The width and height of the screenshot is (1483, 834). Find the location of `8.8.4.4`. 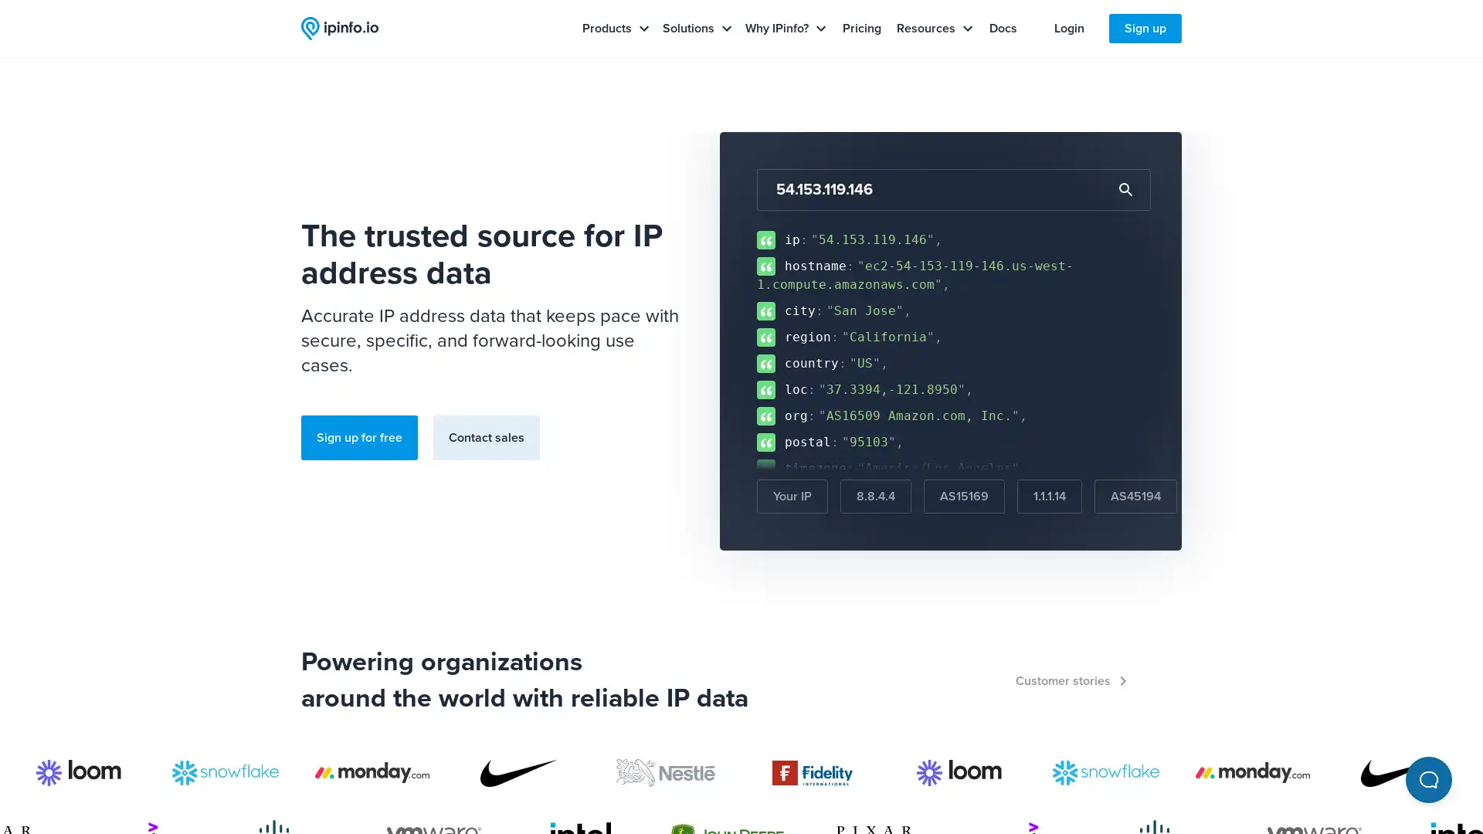

8.8.4.4 is located at coordinates (875, 497).